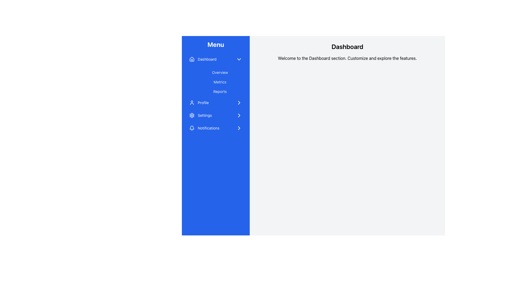  Describe the element at coordinates (239, 59) in the screenshot. I see `the chevron icon located to the right of the 'Dashboard' label in the sidebar menu` at that location.